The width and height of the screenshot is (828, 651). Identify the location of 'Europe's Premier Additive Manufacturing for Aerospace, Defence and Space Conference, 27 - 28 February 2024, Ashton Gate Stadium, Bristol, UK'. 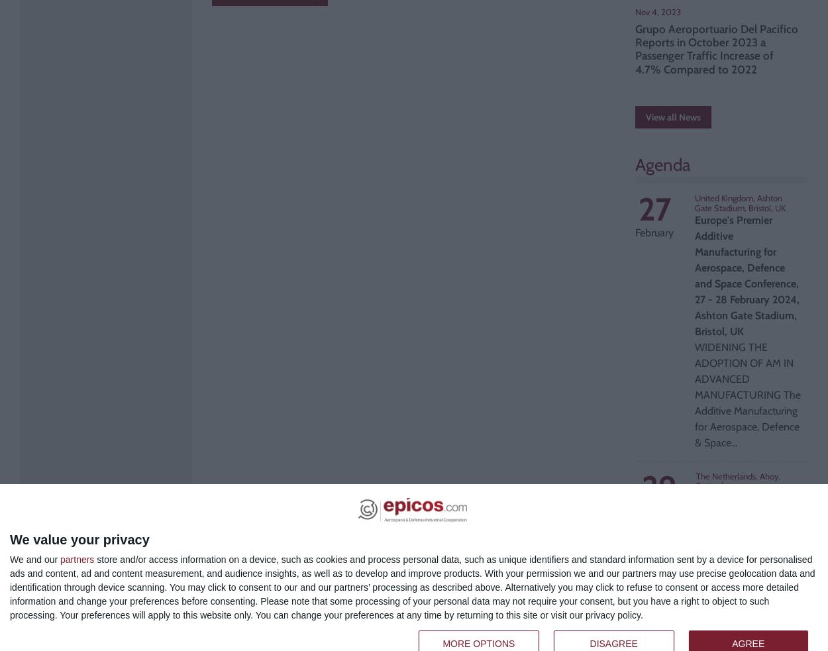
(695, 274).